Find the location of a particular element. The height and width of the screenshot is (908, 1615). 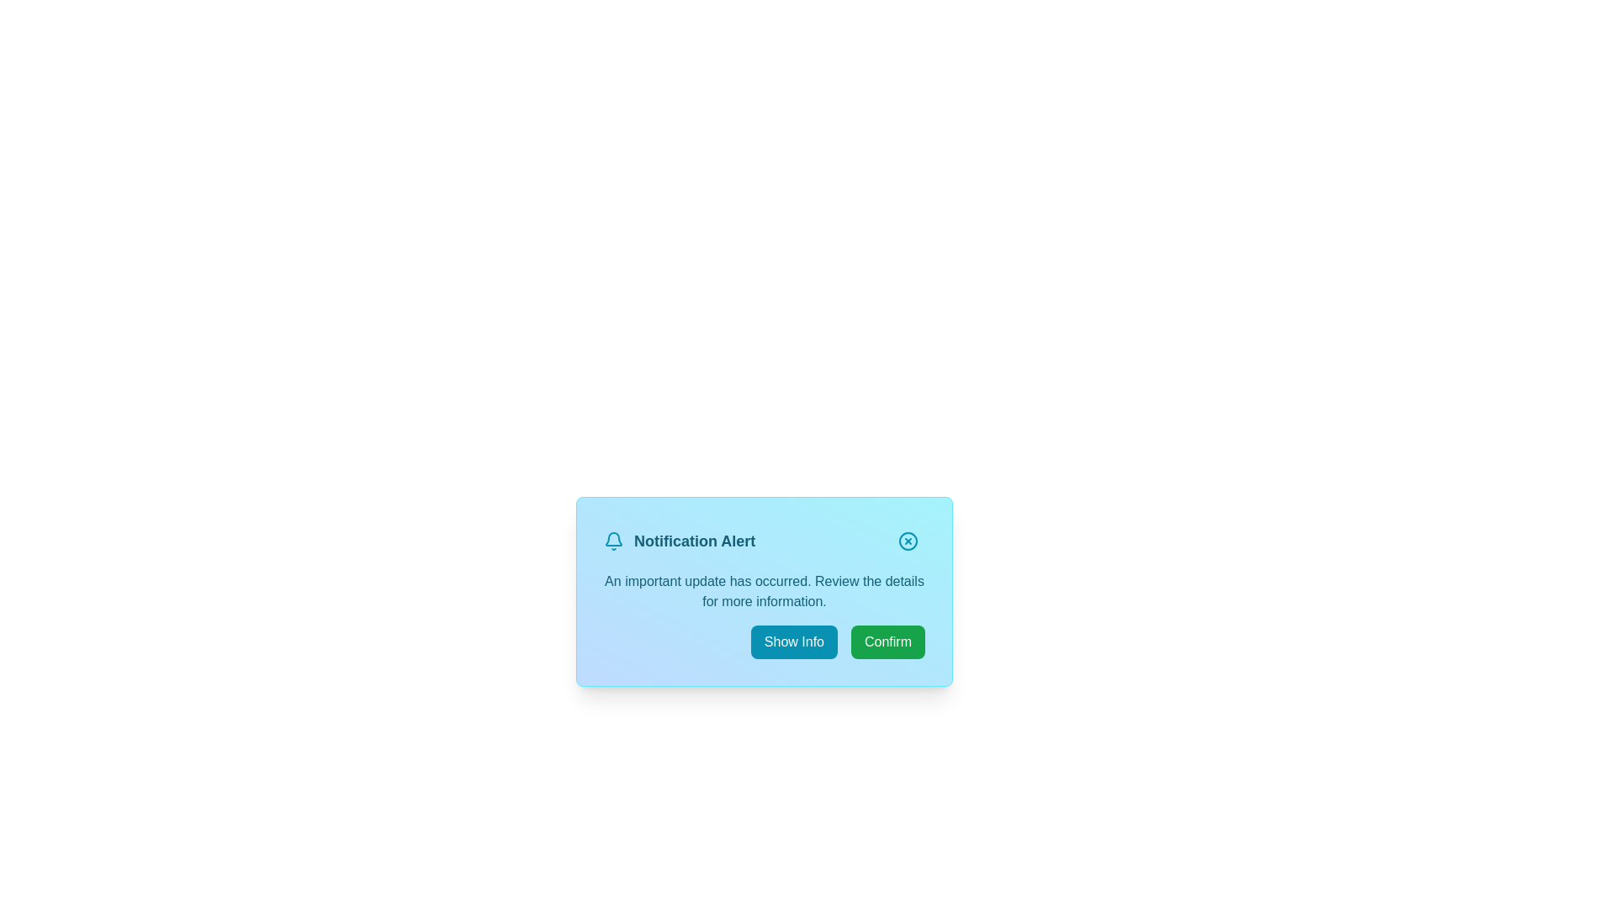

the bell icon to provide visual feedback is located at coordinates (612, 541).